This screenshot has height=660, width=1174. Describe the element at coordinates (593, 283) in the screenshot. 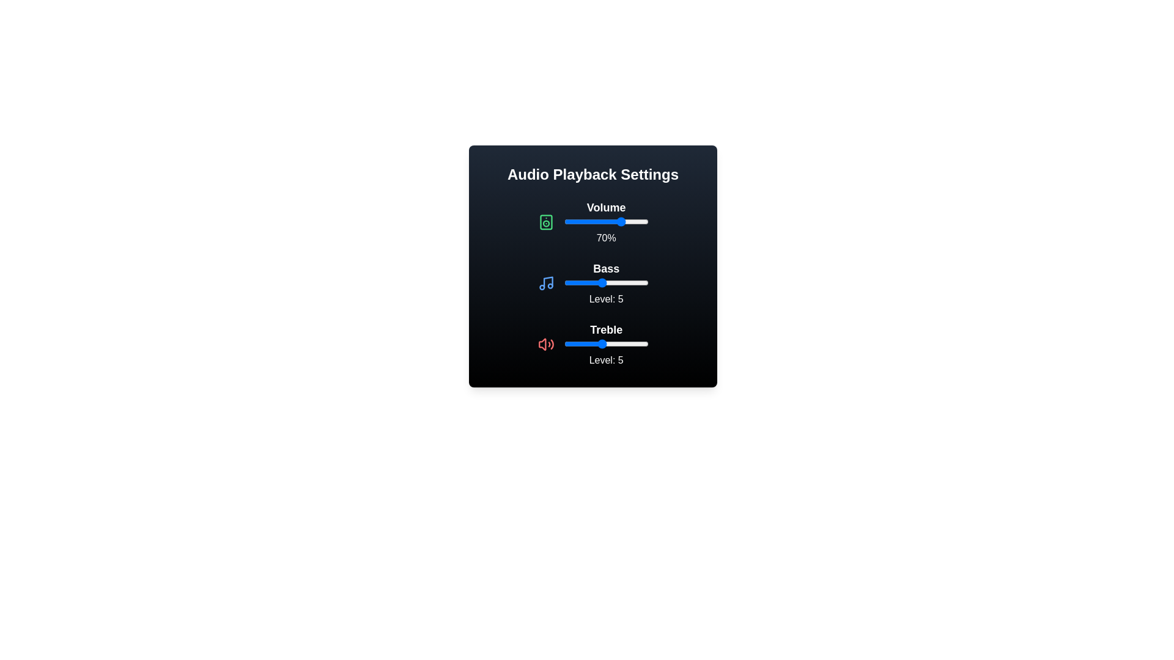

I see `the blue handle of the 'Bass Level' slider` at that location.